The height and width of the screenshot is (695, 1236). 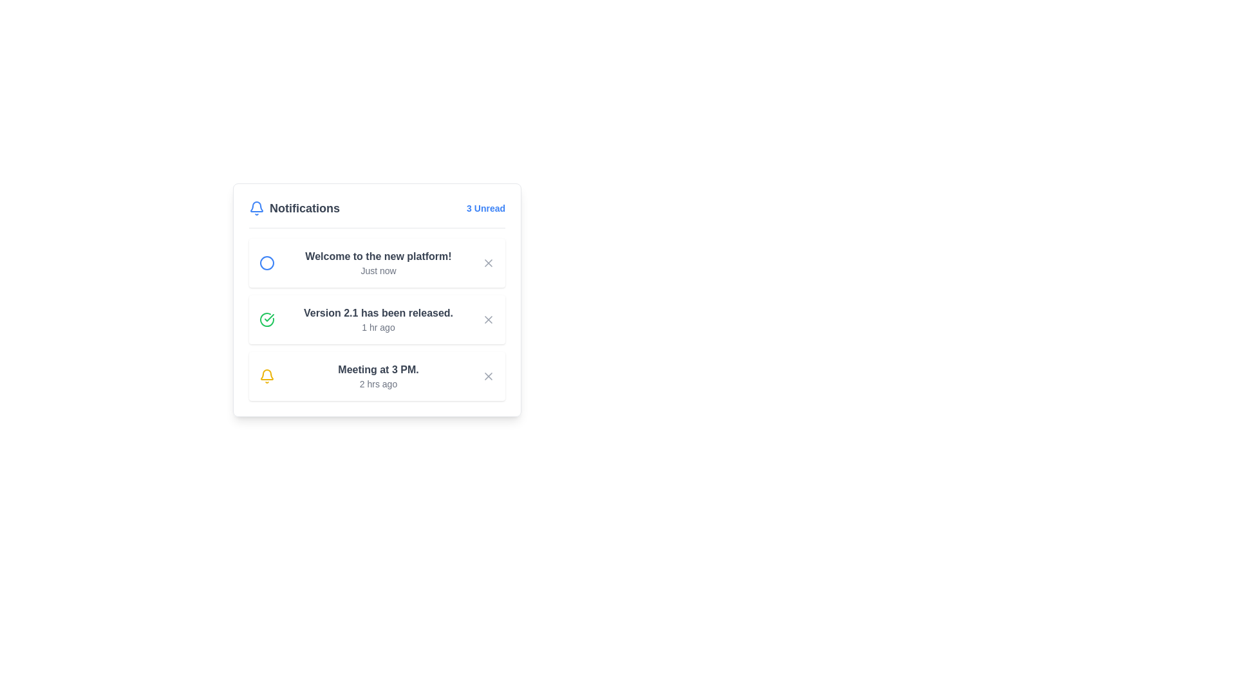 What do you see at coordinates (378, 313) in the screenshot?
I see `text content of the notification titled 'Version 2.1 has been released.' which is styled with a bold font and gray color, located in the vertical notification list` at bounding box center [378, 313].